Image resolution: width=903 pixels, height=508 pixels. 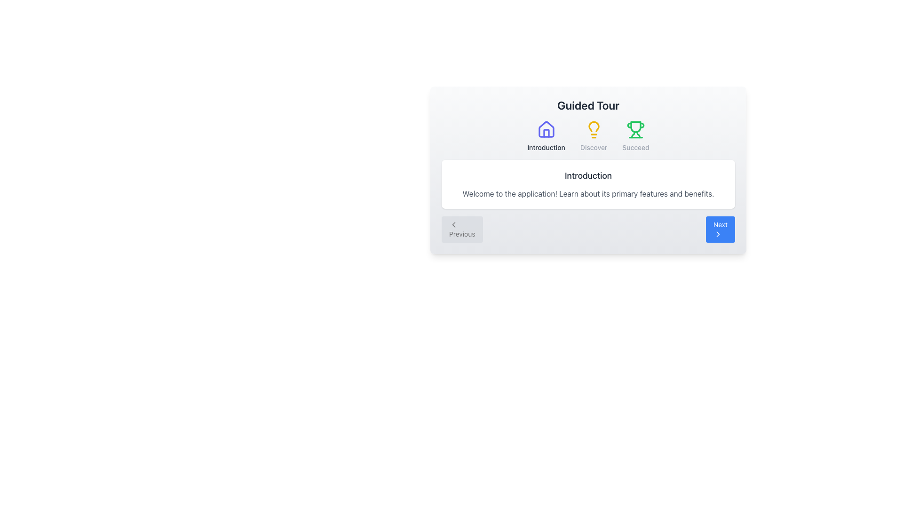 I want to click on the third icon in the horizontal sequence of icons in the header, which represents a 'success' or 'achievement' feature, so click(x=636, y=127).